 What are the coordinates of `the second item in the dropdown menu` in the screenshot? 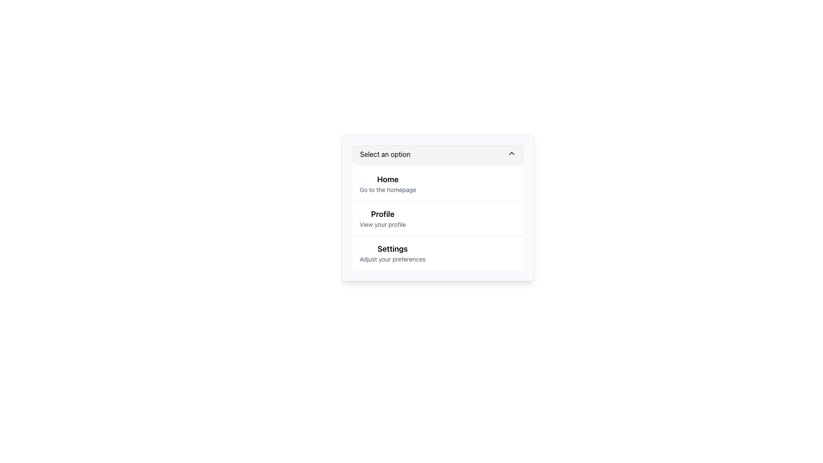 It's located at (438, 208).